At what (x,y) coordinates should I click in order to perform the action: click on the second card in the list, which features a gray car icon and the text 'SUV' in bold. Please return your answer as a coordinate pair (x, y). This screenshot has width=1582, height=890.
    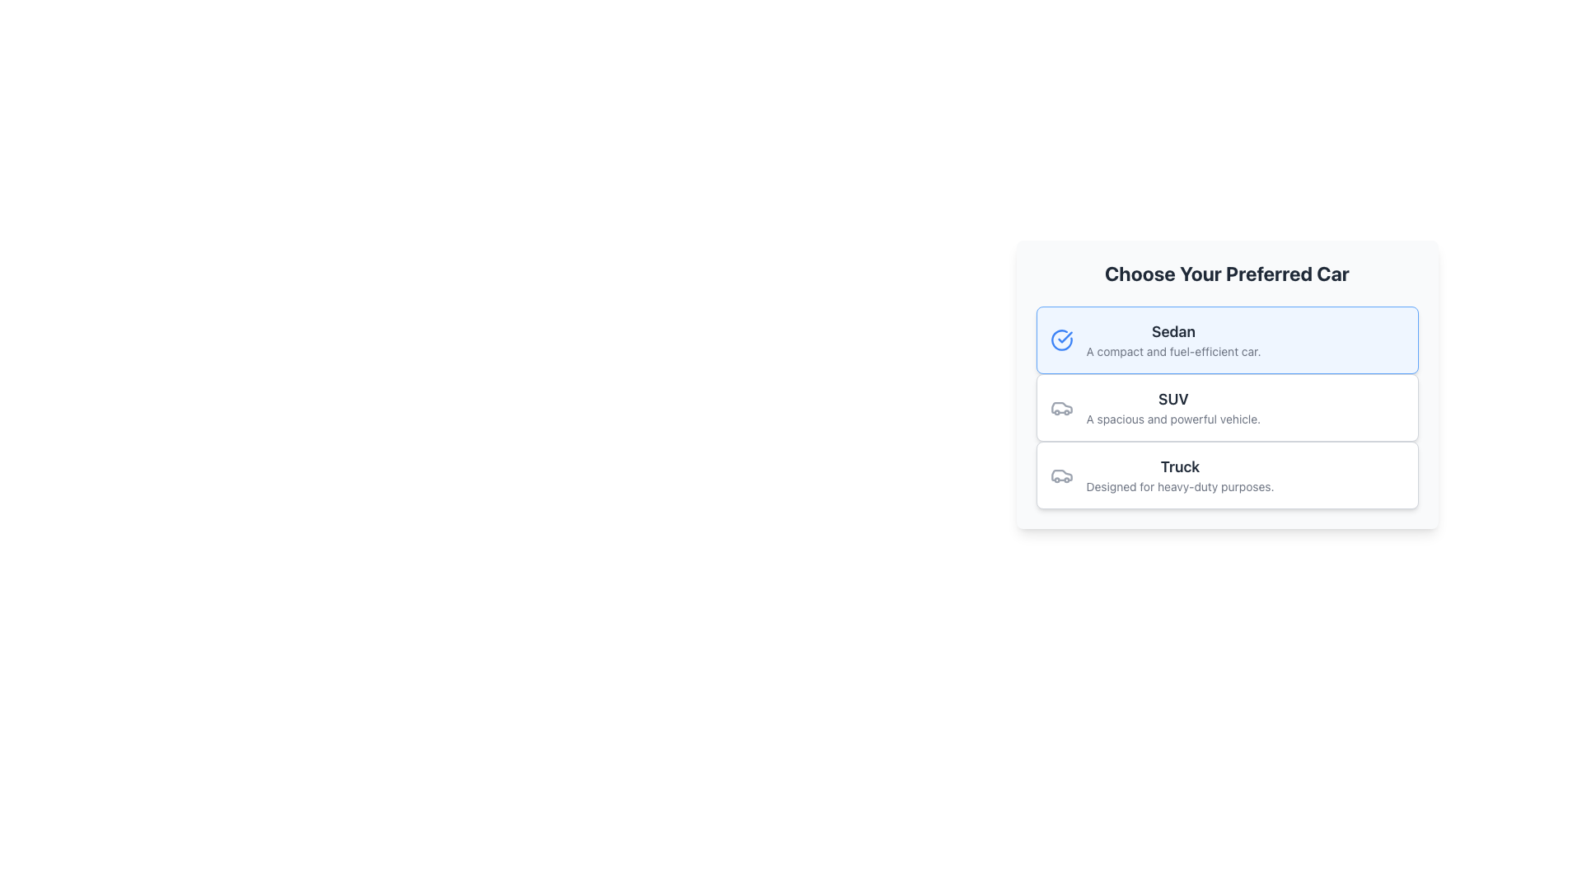
    Looking at the image, I should click on (1227, 407).